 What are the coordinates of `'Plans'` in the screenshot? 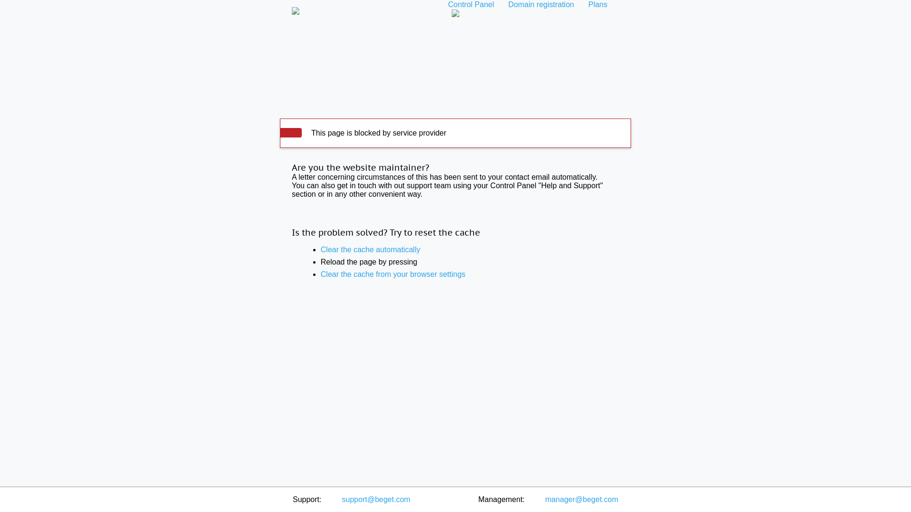 It's located at (580, 4).